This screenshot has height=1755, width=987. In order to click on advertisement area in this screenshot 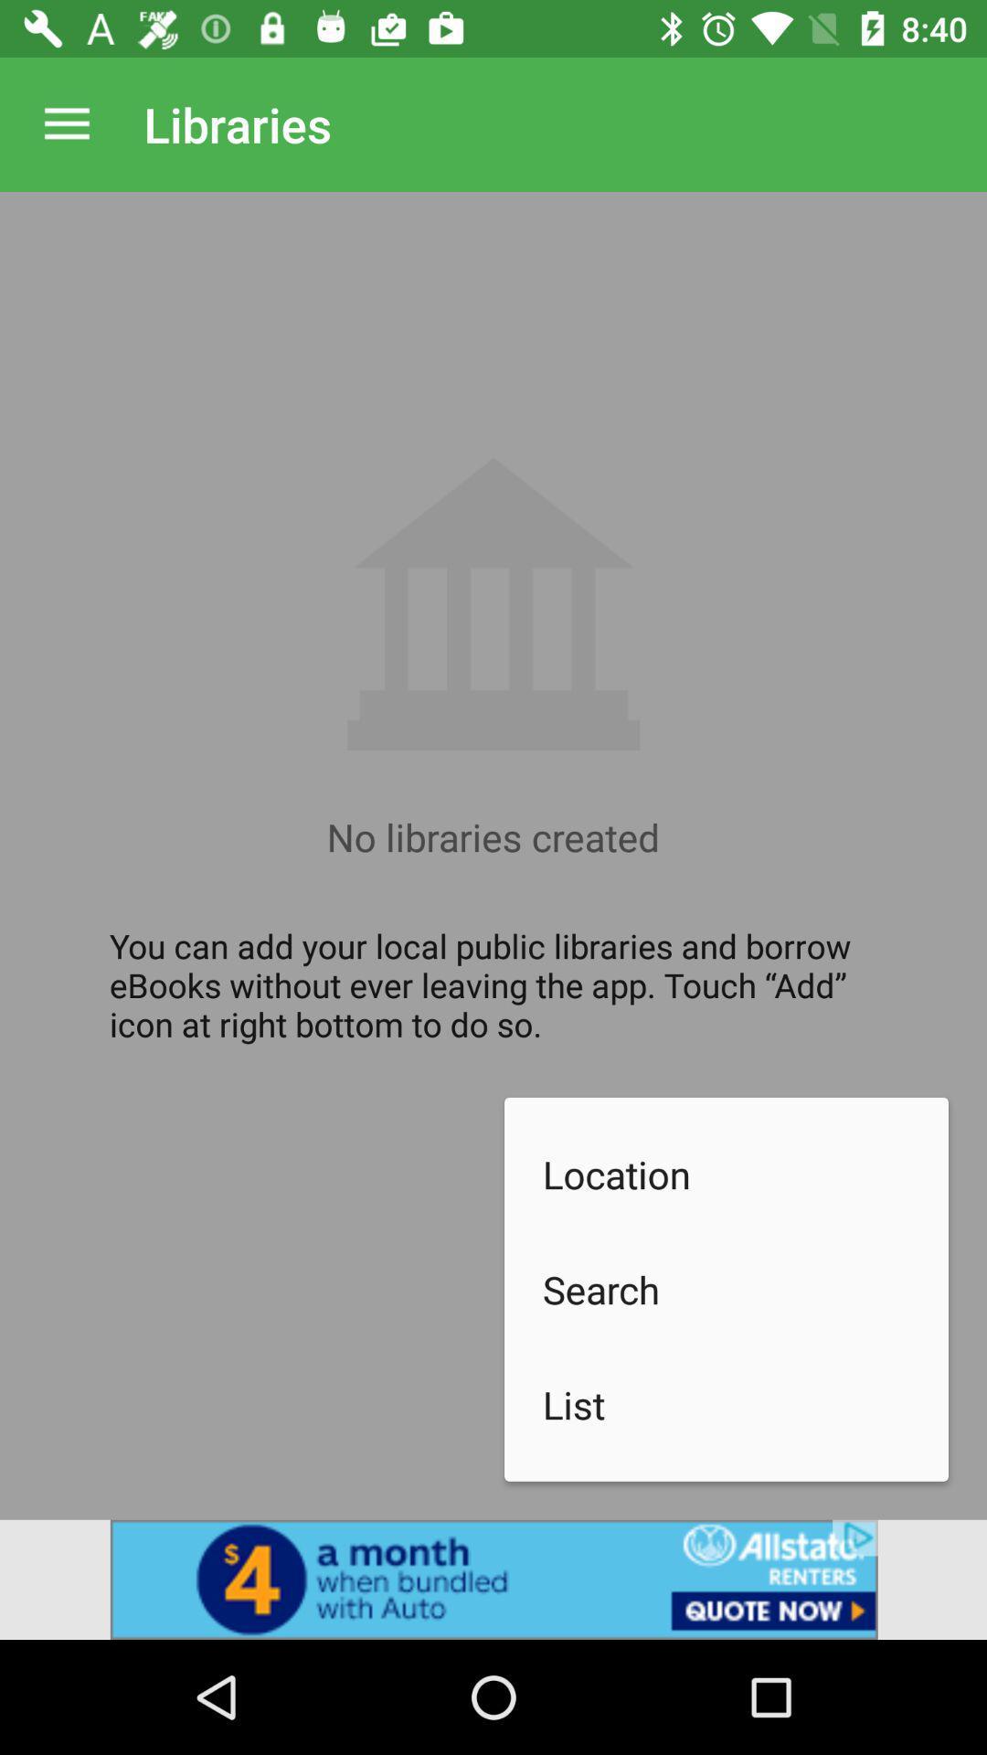, I will do `click(493, 1579)`.